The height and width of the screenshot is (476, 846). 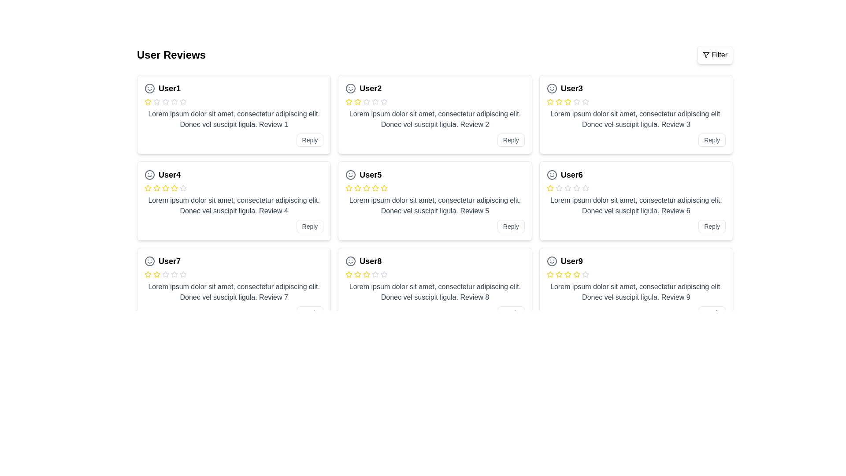 I want to click on the third star icon in the rating system within the review card of User5, so click(x=384, y=187).